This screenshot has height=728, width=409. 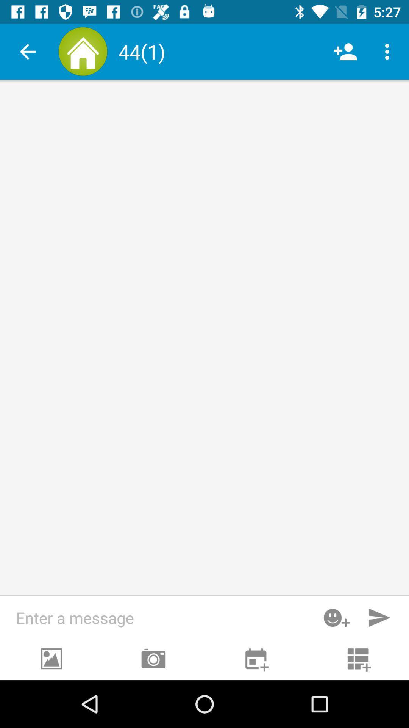 What do you see at coordinates (345, 51) in the screenshot?
I see `the item to the right of the (1) icon` at bounding box center [345, 51].